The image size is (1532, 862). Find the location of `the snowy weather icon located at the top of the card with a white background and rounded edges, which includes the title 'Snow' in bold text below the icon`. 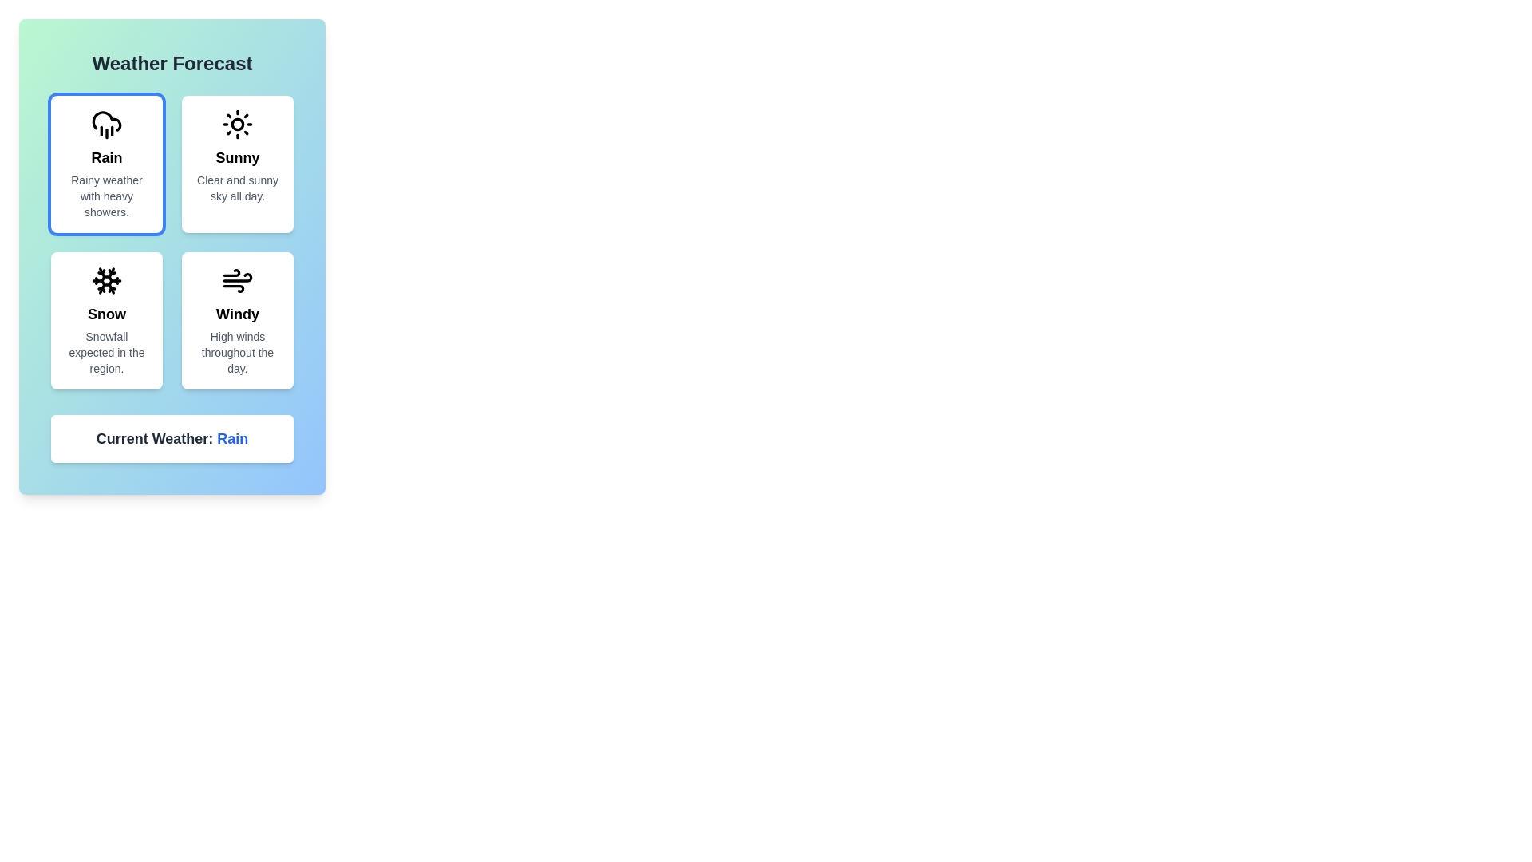

the snowy weather icon located at the top of the card with a white background and rounded edges, which includes the title 'Snow' in bold text below the icon is located at coordinates (106, 279).